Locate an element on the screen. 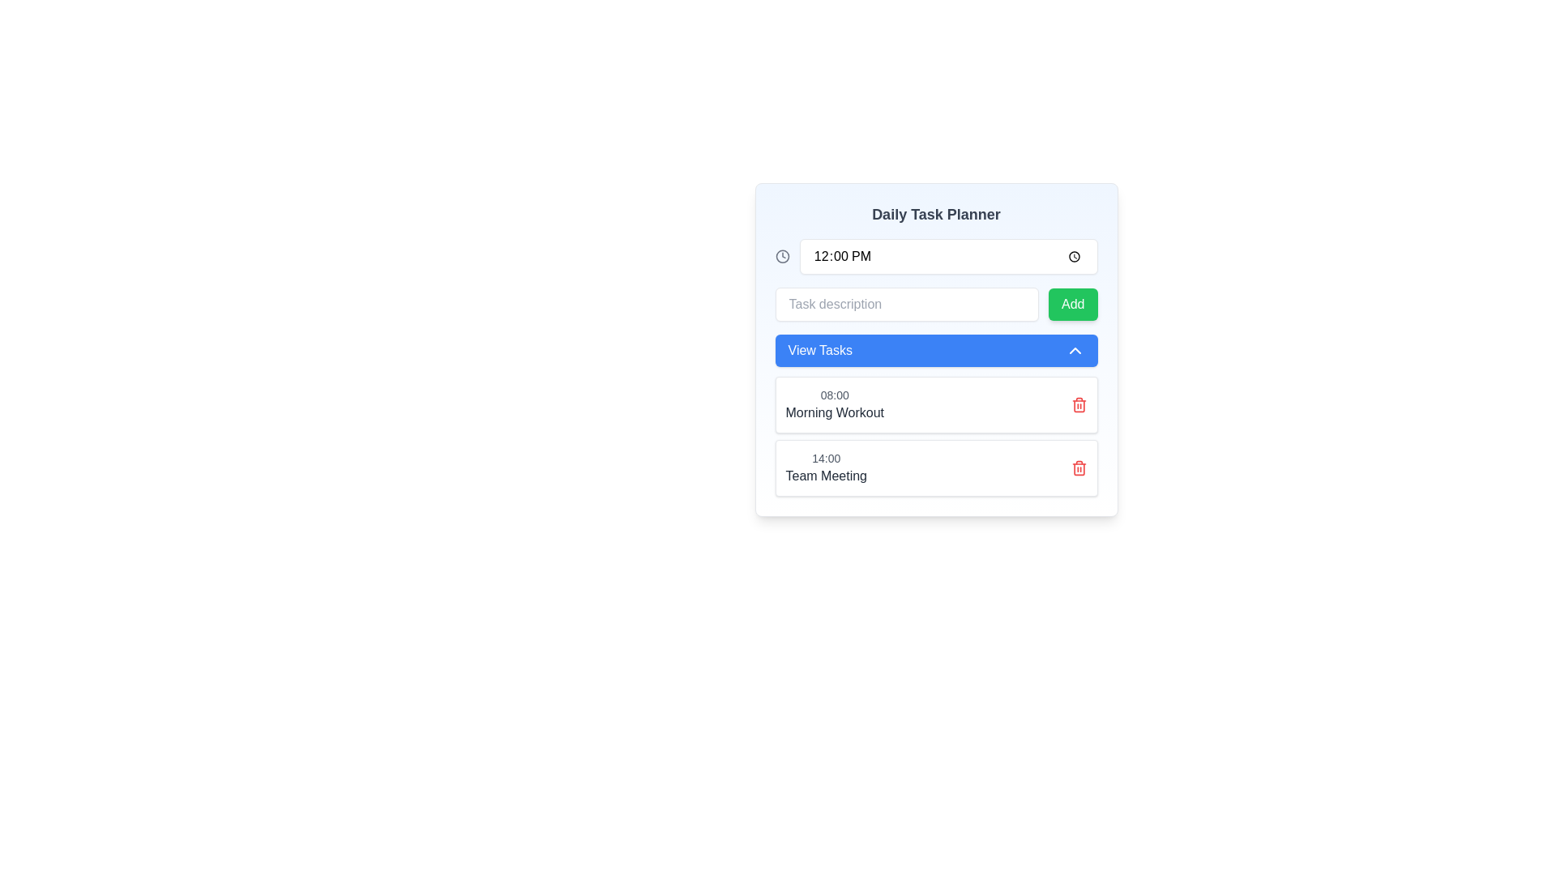 This screenshot has width=1556, height=875. the delete icon button for the task 'Morning Workout' in the 'Daily Task Planner' interface is located at coordinates (1079, 404).